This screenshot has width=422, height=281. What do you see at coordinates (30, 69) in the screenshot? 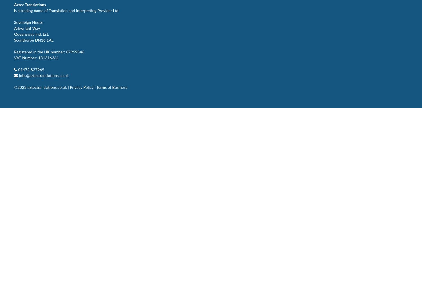
I see `'01472 827969'` at bounding box center [30, 69].